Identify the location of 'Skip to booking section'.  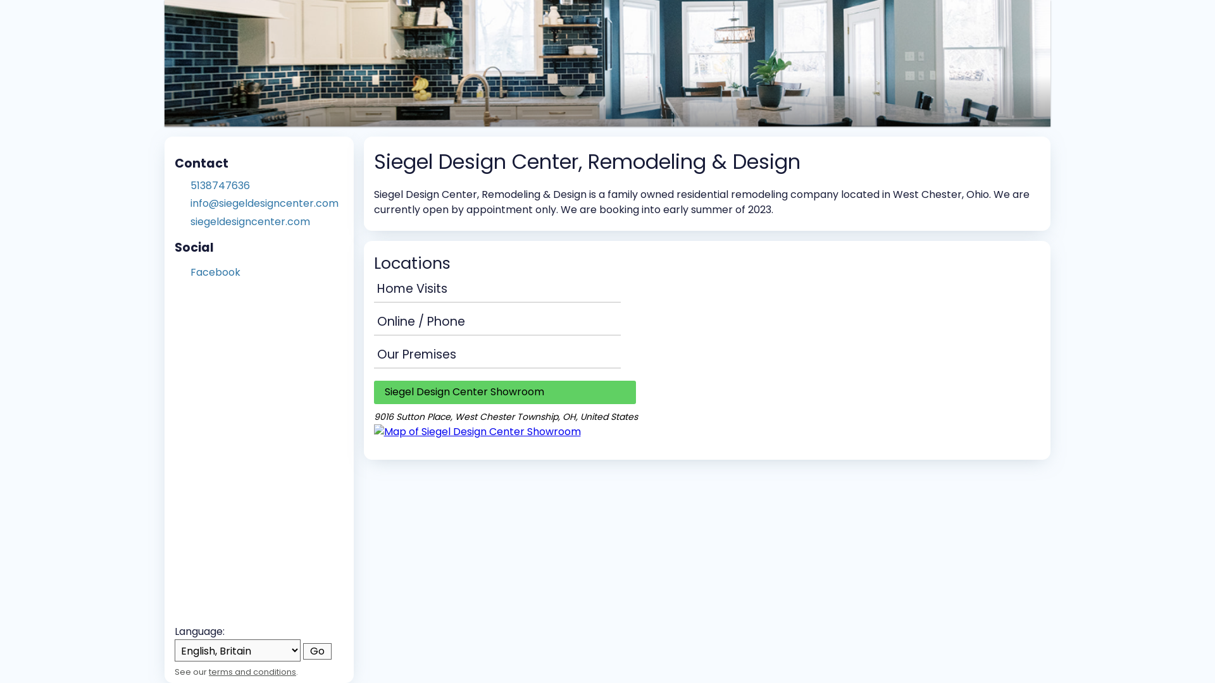
(244, 19).